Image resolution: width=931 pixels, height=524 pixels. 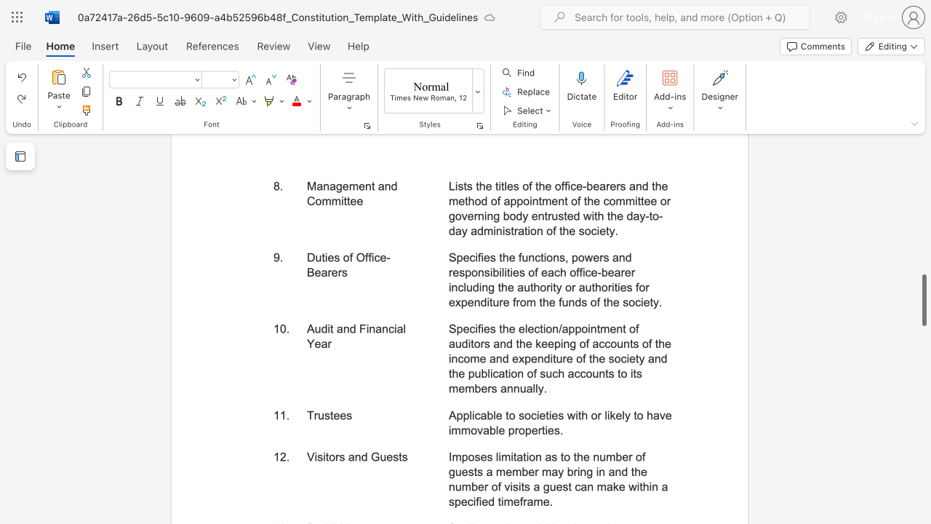 I want to click on the subset text "ea" within the text "Audit and Financial Year", so click(x=313, y=344).